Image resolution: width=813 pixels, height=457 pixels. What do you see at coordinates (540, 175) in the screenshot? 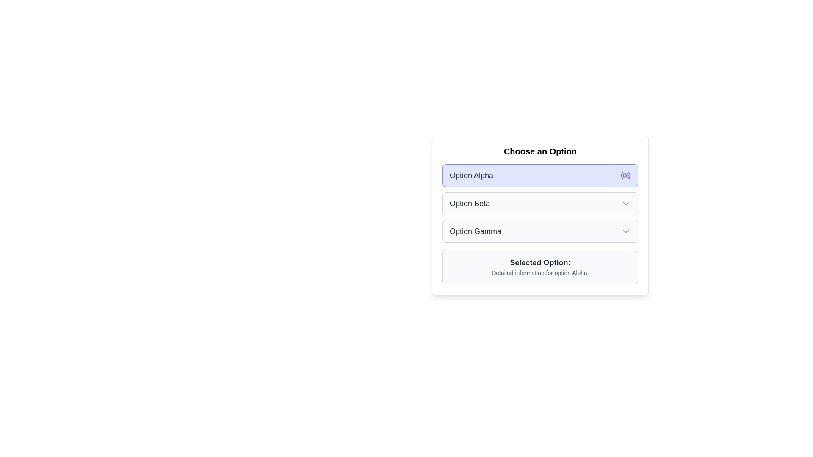
I see `the selection button for 'Option Alpha' located under the title 'Choose an Option'` at bounding box center [540, 175].